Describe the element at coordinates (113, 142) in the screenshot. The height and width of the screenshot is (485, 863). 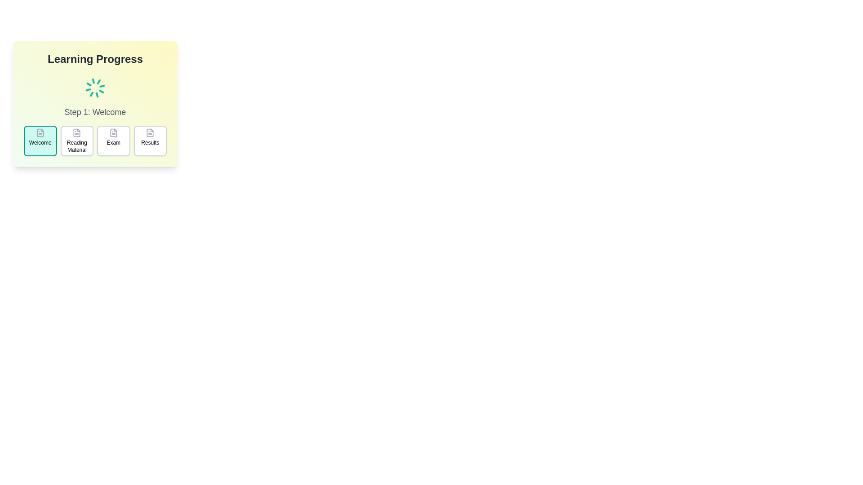
I see `the static text label indicating the 'Exam' function within the third card of the progress tracker` at that location.